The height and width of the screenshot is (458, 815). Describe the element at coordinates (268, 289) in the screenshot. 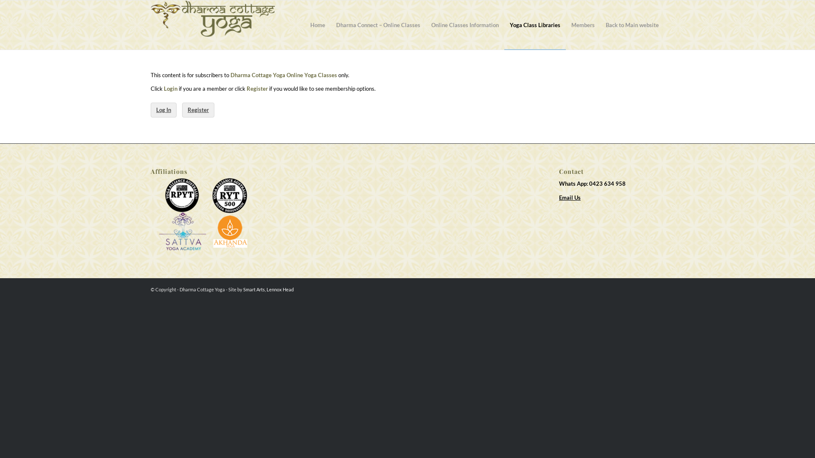

I see `'Smart Arts, Lennox Head'` at that location.